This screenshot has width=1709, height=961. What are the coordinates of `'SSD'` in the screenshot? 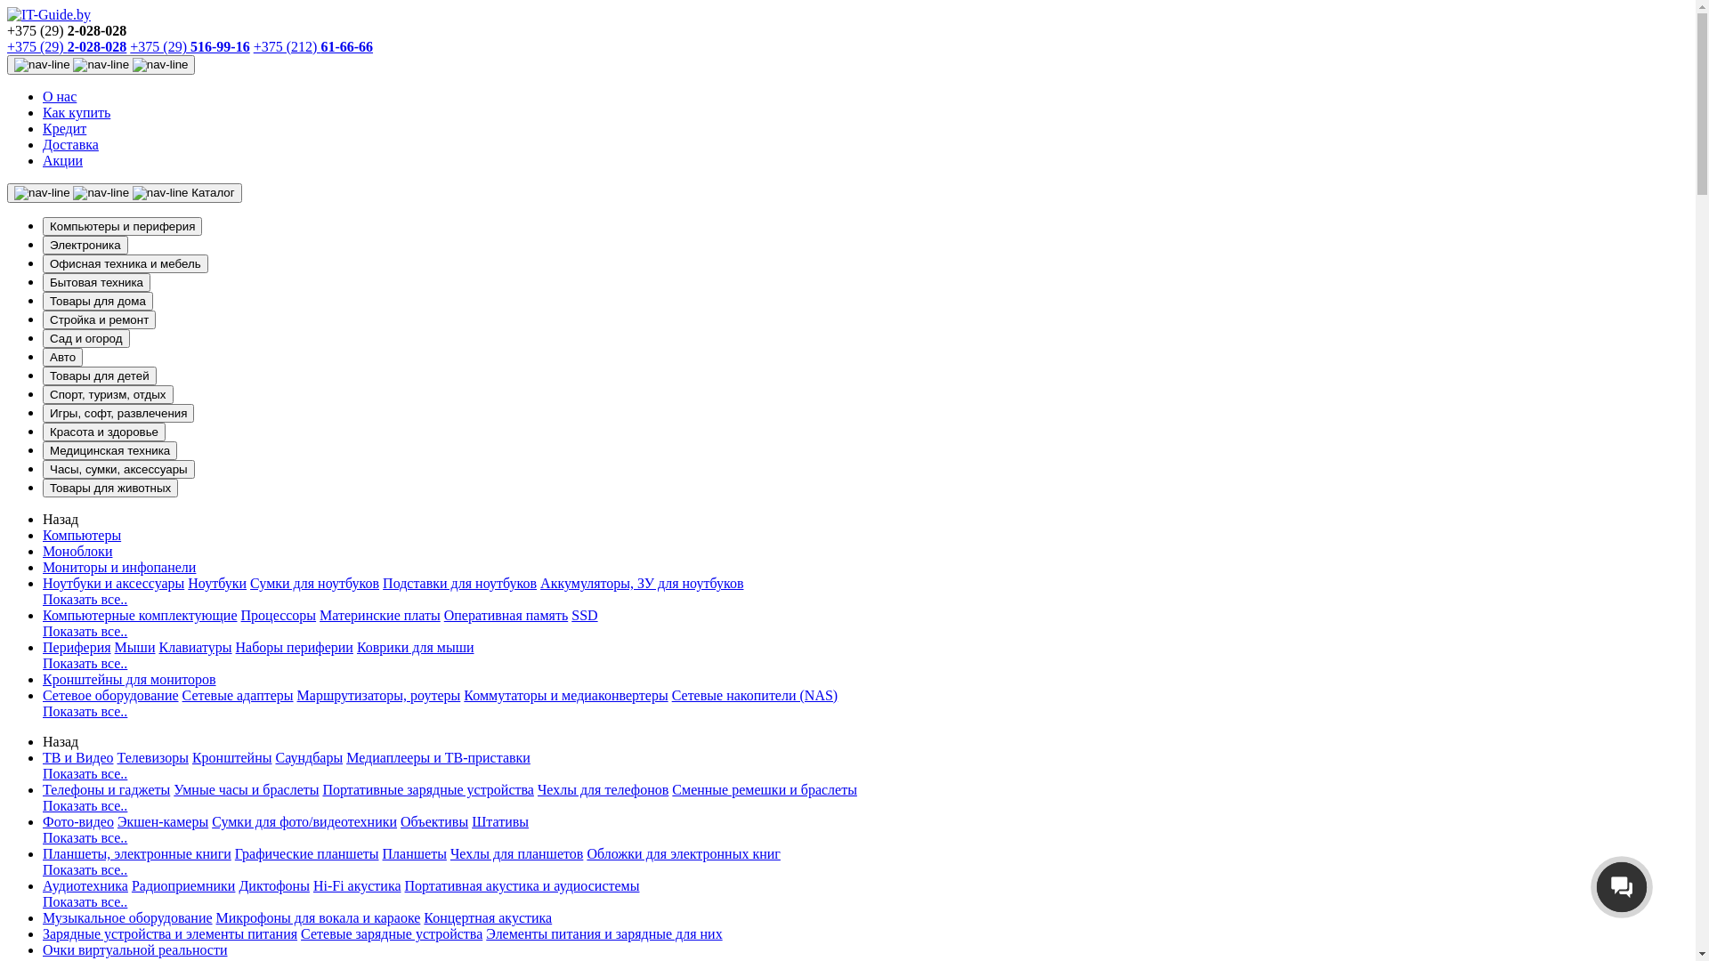 It's located at (571, 614).